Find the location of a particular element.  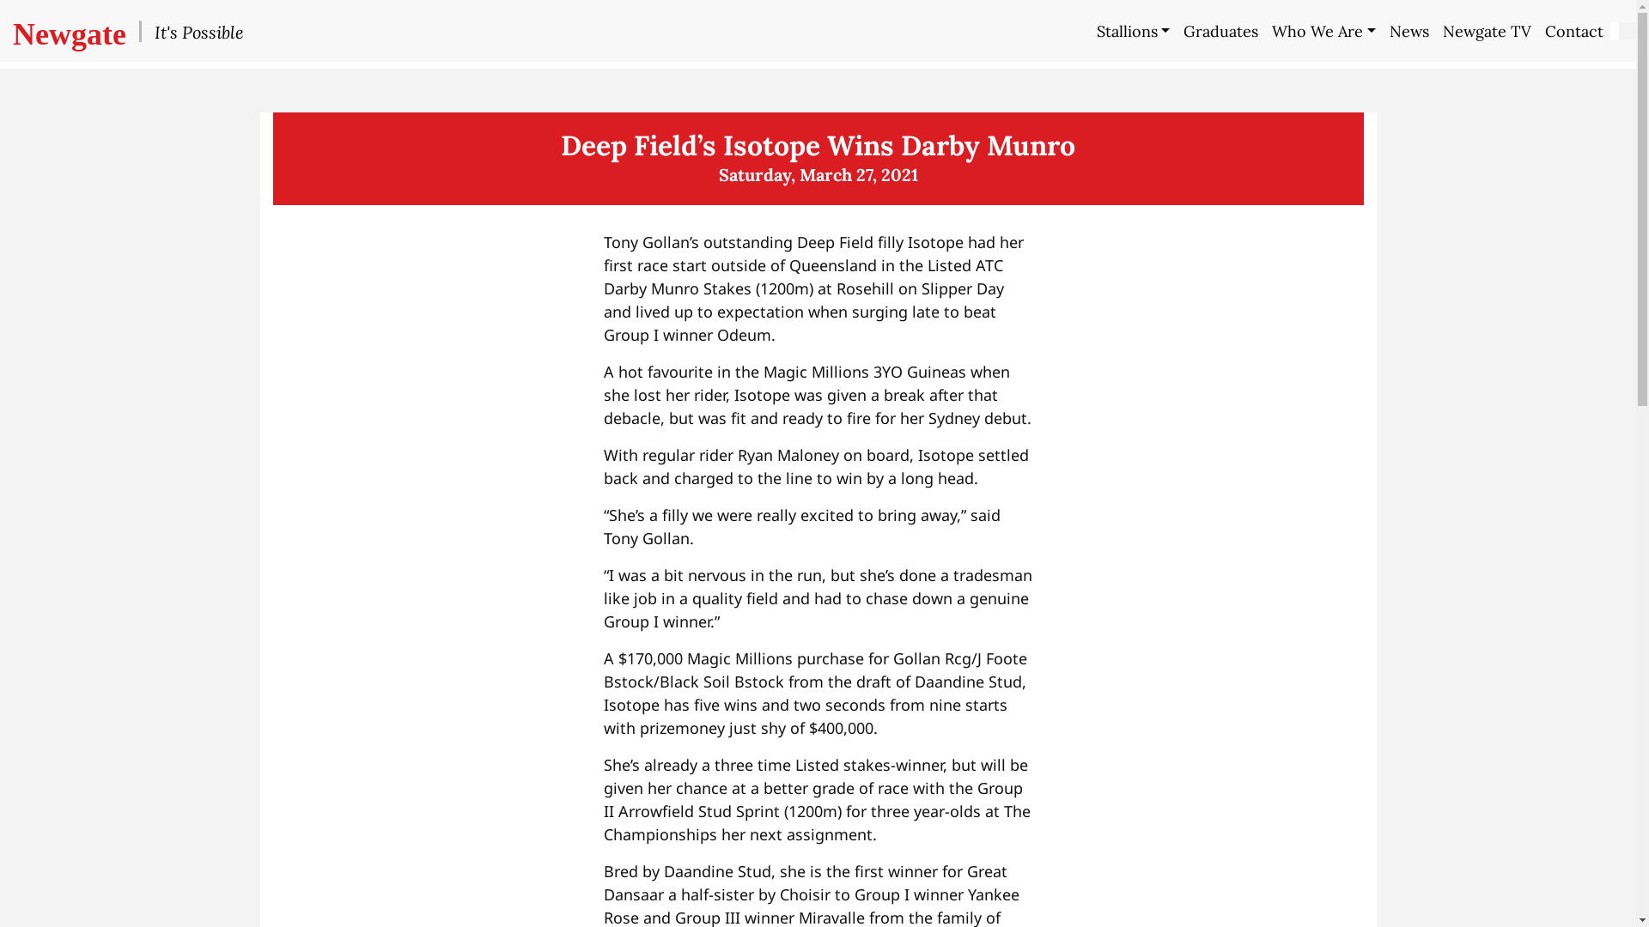

'News' is located at coordinates (1409, 30).